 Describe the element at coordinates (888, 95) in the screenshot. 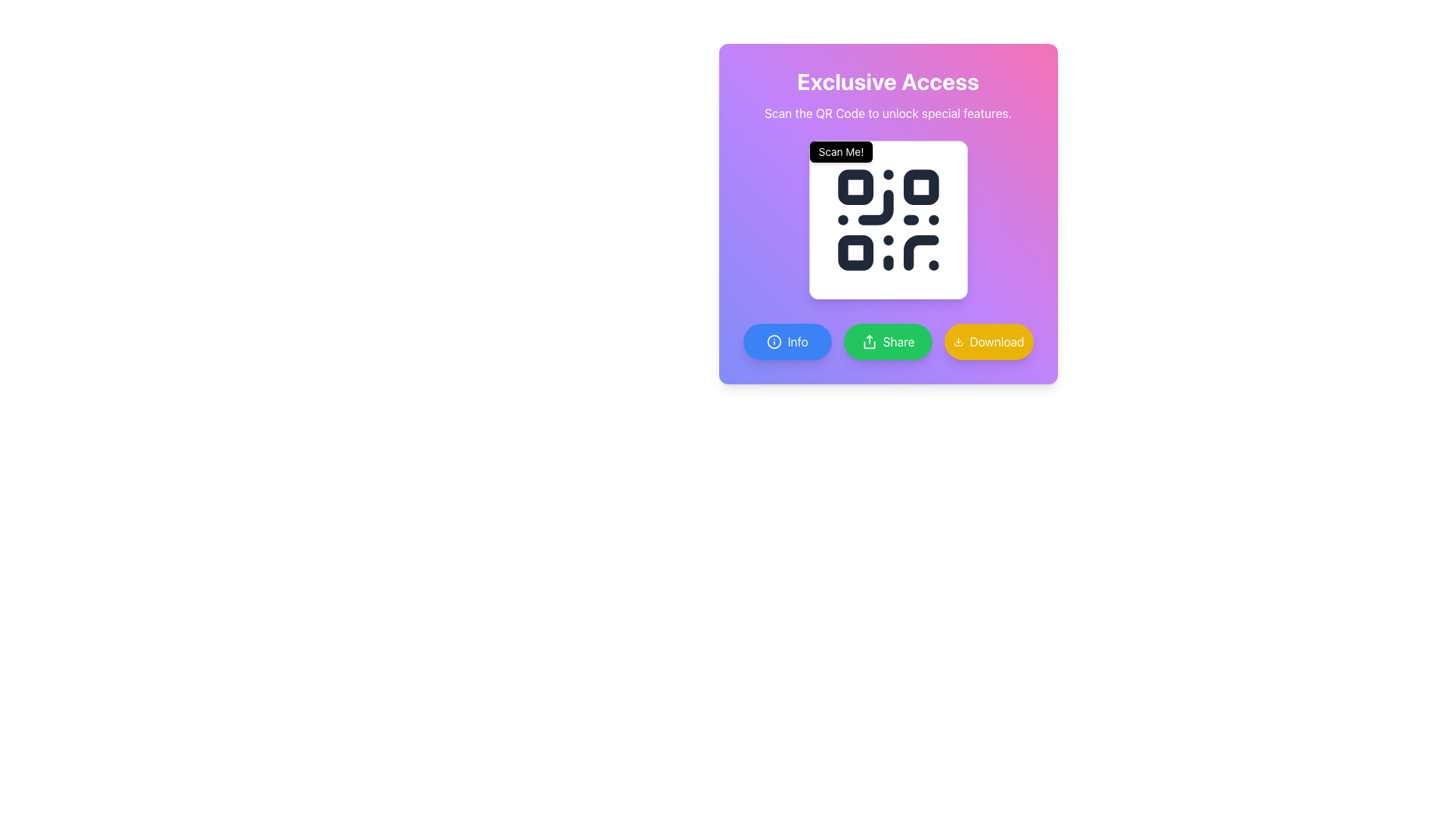

I see `the Information header that instructs the user to scan the QR code for special features` at that location.